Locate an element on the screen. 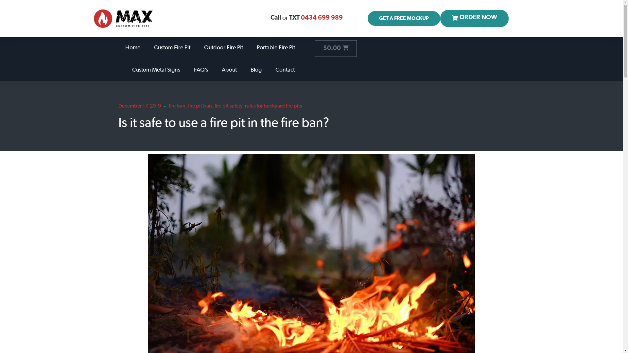 Image resolution: width=628 pixels, height=353 pixels. '$0.00' is located at coordinates (336, 48).